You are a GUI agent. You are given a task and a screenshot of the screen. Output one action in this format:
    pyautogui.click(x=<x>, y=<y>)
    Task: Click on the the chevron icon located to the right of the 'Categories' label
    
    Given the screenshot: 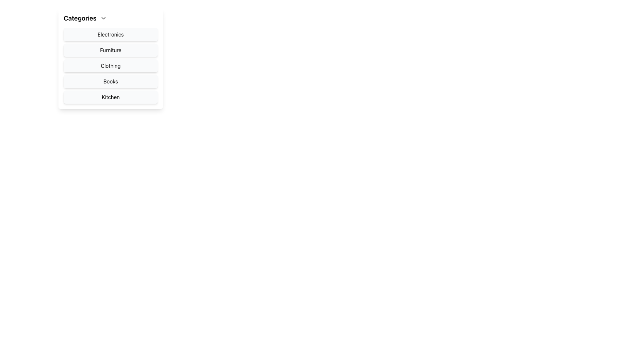 What is the action you would take?
    pyautogui.click(x=103, y=18)
    